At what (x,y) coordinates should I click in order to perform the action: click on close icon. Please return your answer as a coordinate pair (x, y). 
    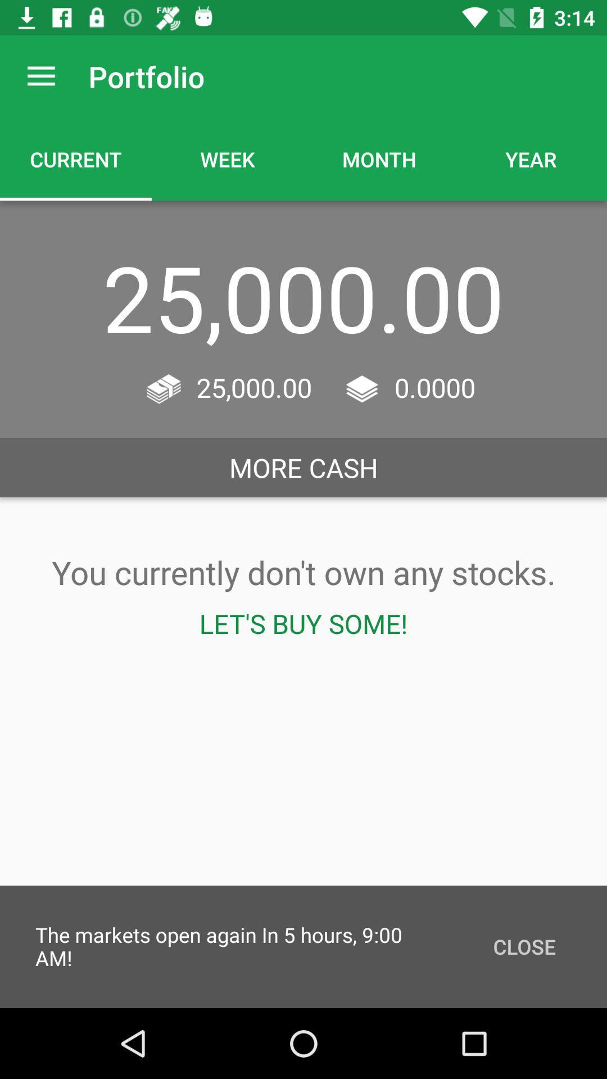
    Looking at the image, I should click on (524, 946).